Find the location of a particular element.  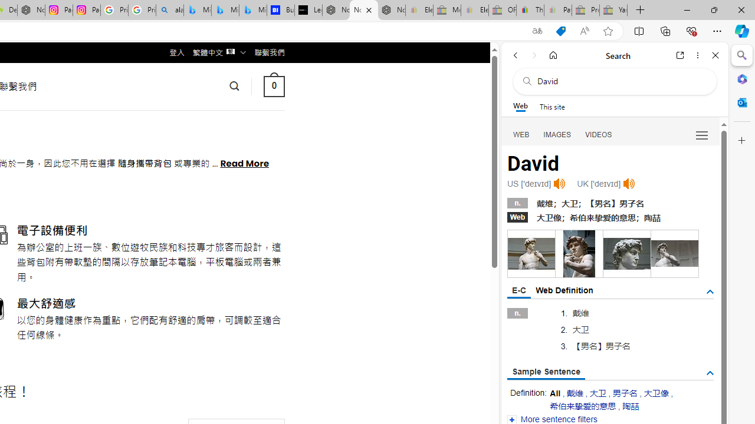

'Web scope' is located at coordinates (520, 106).